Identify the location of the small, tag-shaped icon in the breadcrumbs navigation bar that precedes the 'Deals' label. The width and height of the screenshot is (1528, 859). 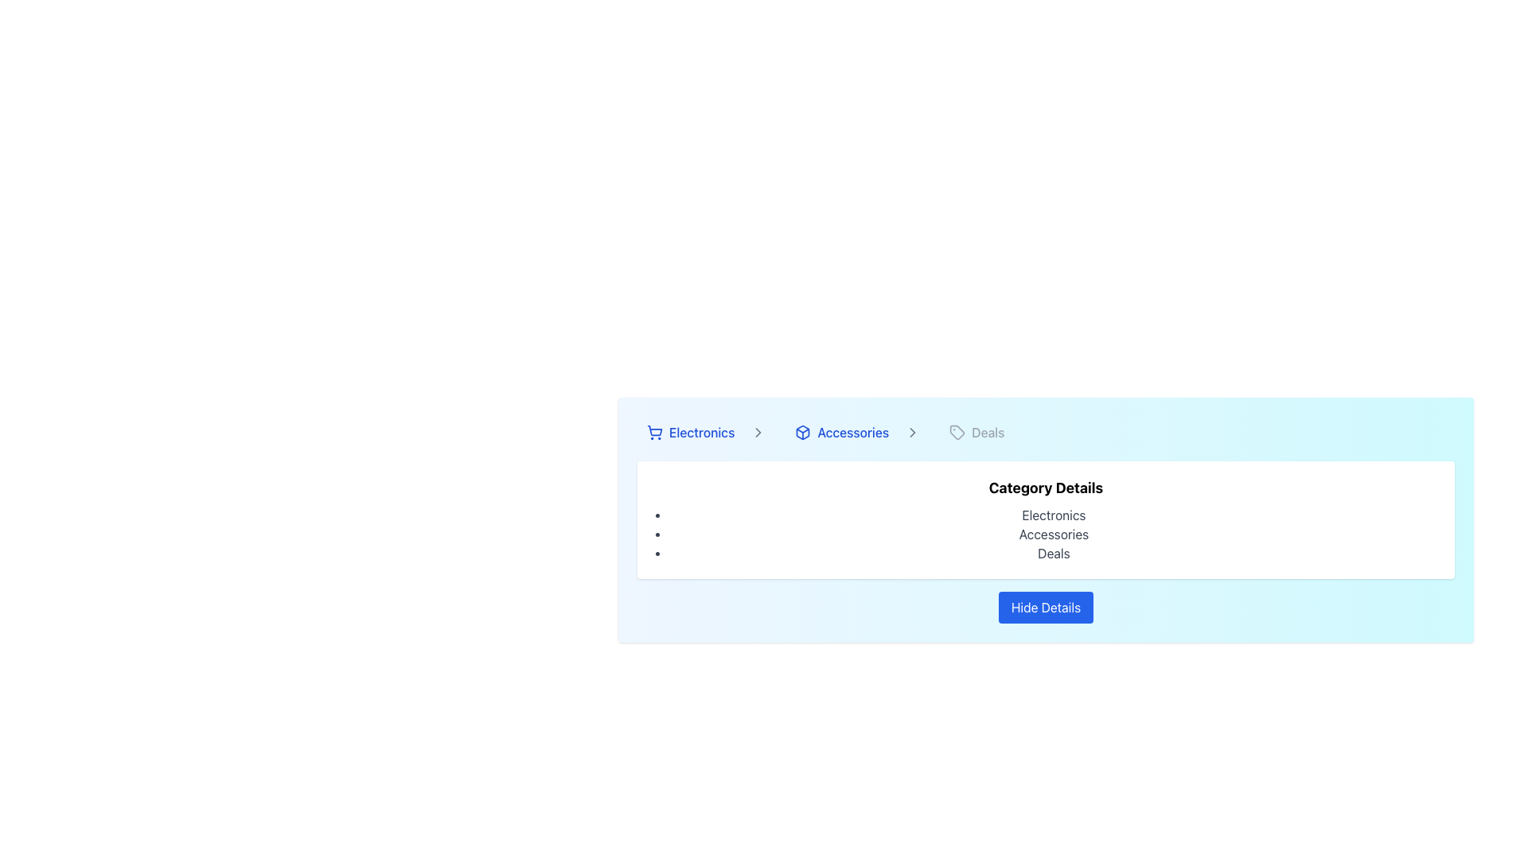
(957, 432).